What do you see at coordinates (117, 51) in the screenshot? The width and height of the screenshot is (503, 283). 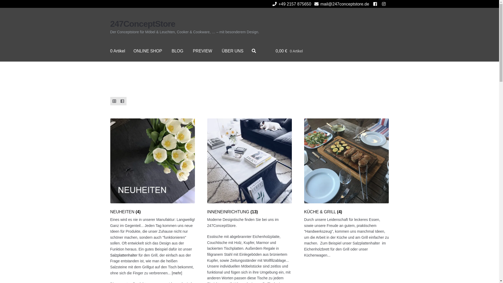 I see `'0 Artikel'` at bounding box center [117, 51].